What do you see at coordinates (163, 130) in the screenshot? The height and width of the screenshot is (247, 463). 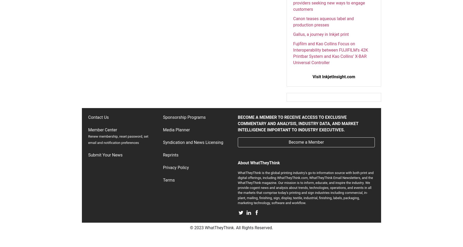 I see `'Media Planner'` at bounding box center [163, 130].